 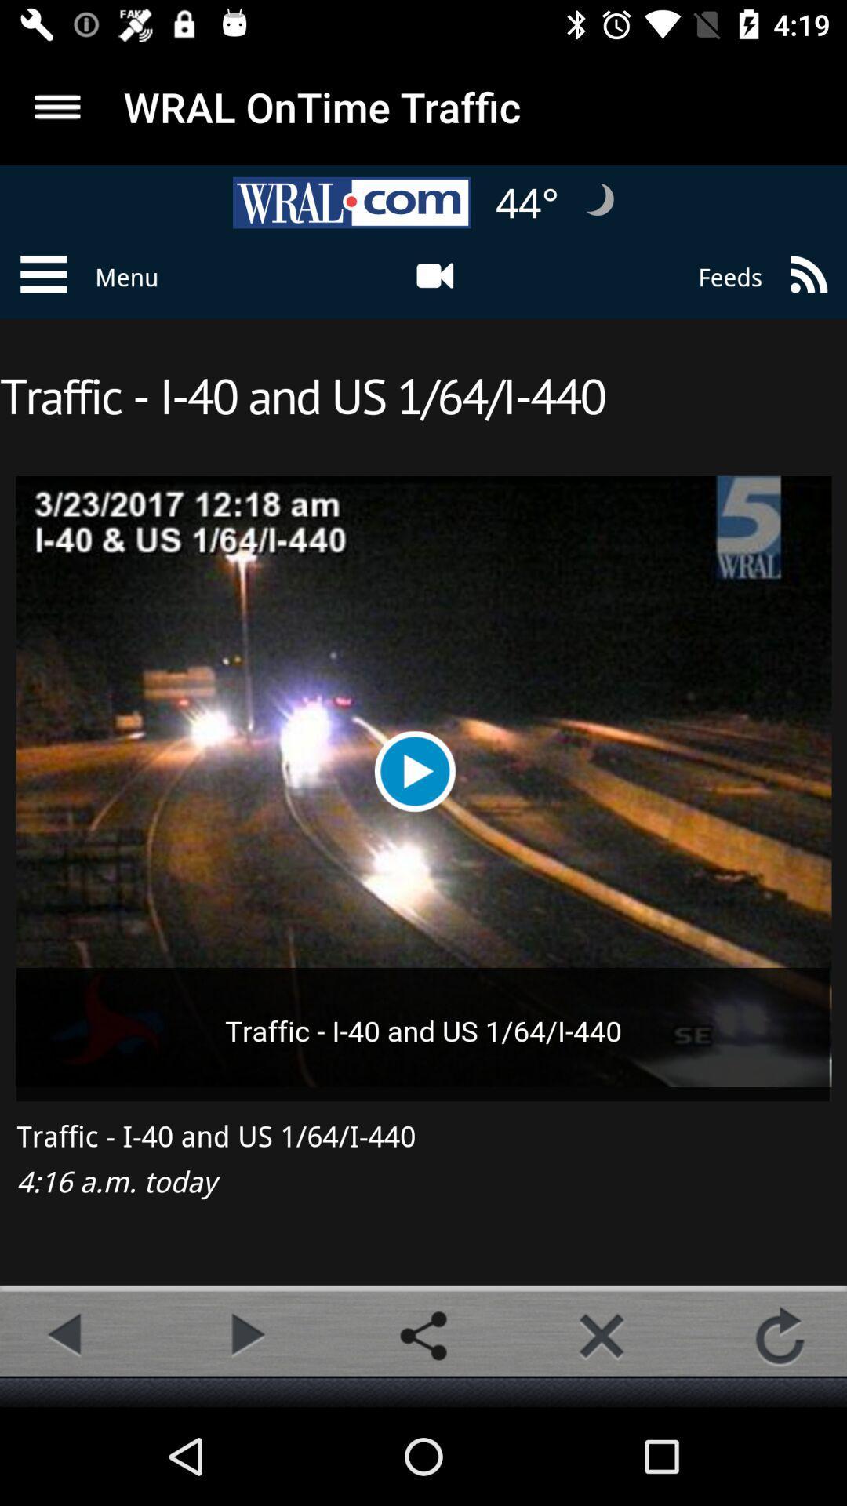 What do you see at coordinates (601, 1335) in the screenshot?
I see `the close icon` at bounding box center [601, 1335].